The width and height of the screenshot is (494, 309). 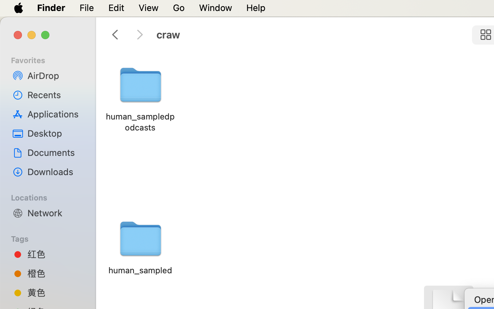 What do you see at coordinates (55, 152) in the screenshot?
I see `'Documents'` at bounding box center [55, 152].